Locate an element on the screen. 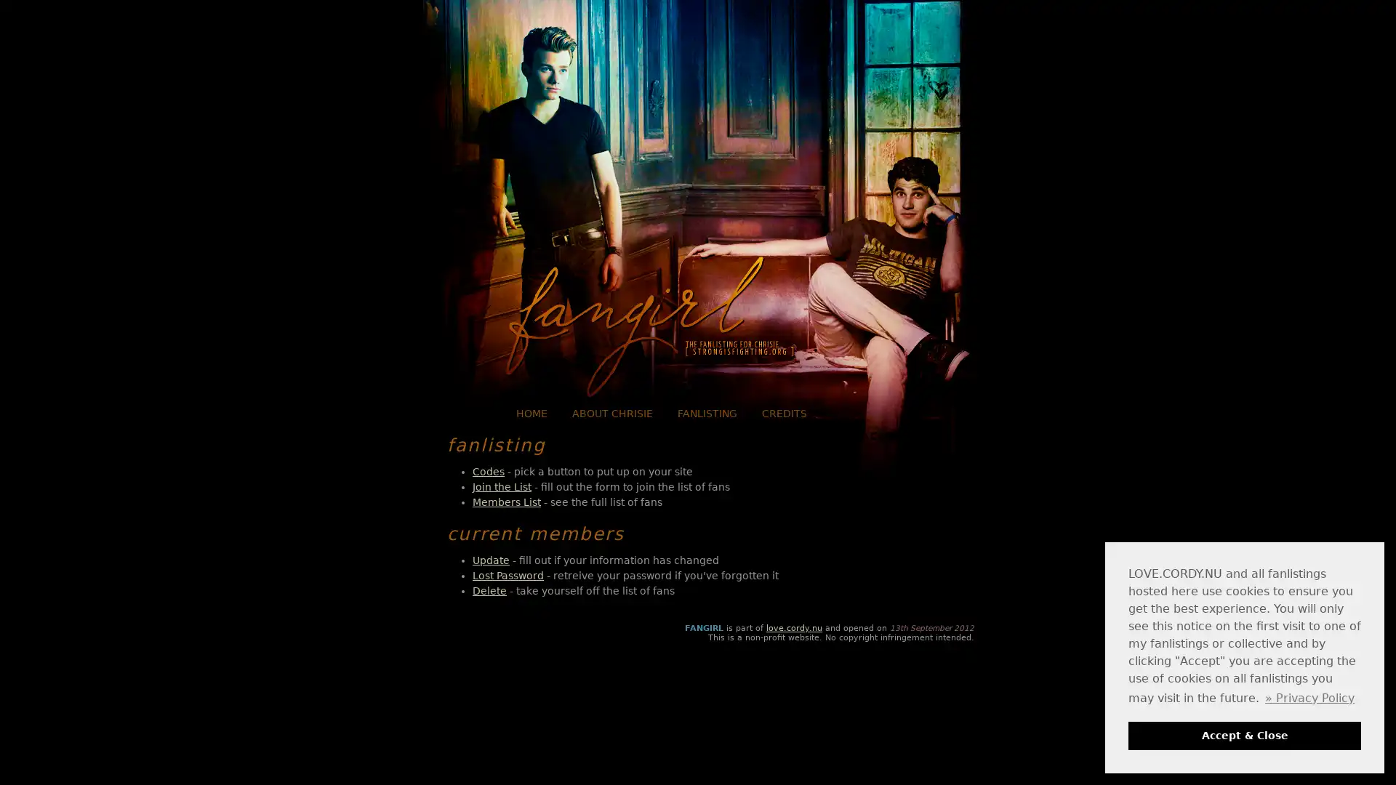 Image resolution: width=1396 pixels, height=785 pixels. learn more about cookies is located at coordinates (1309, 697).